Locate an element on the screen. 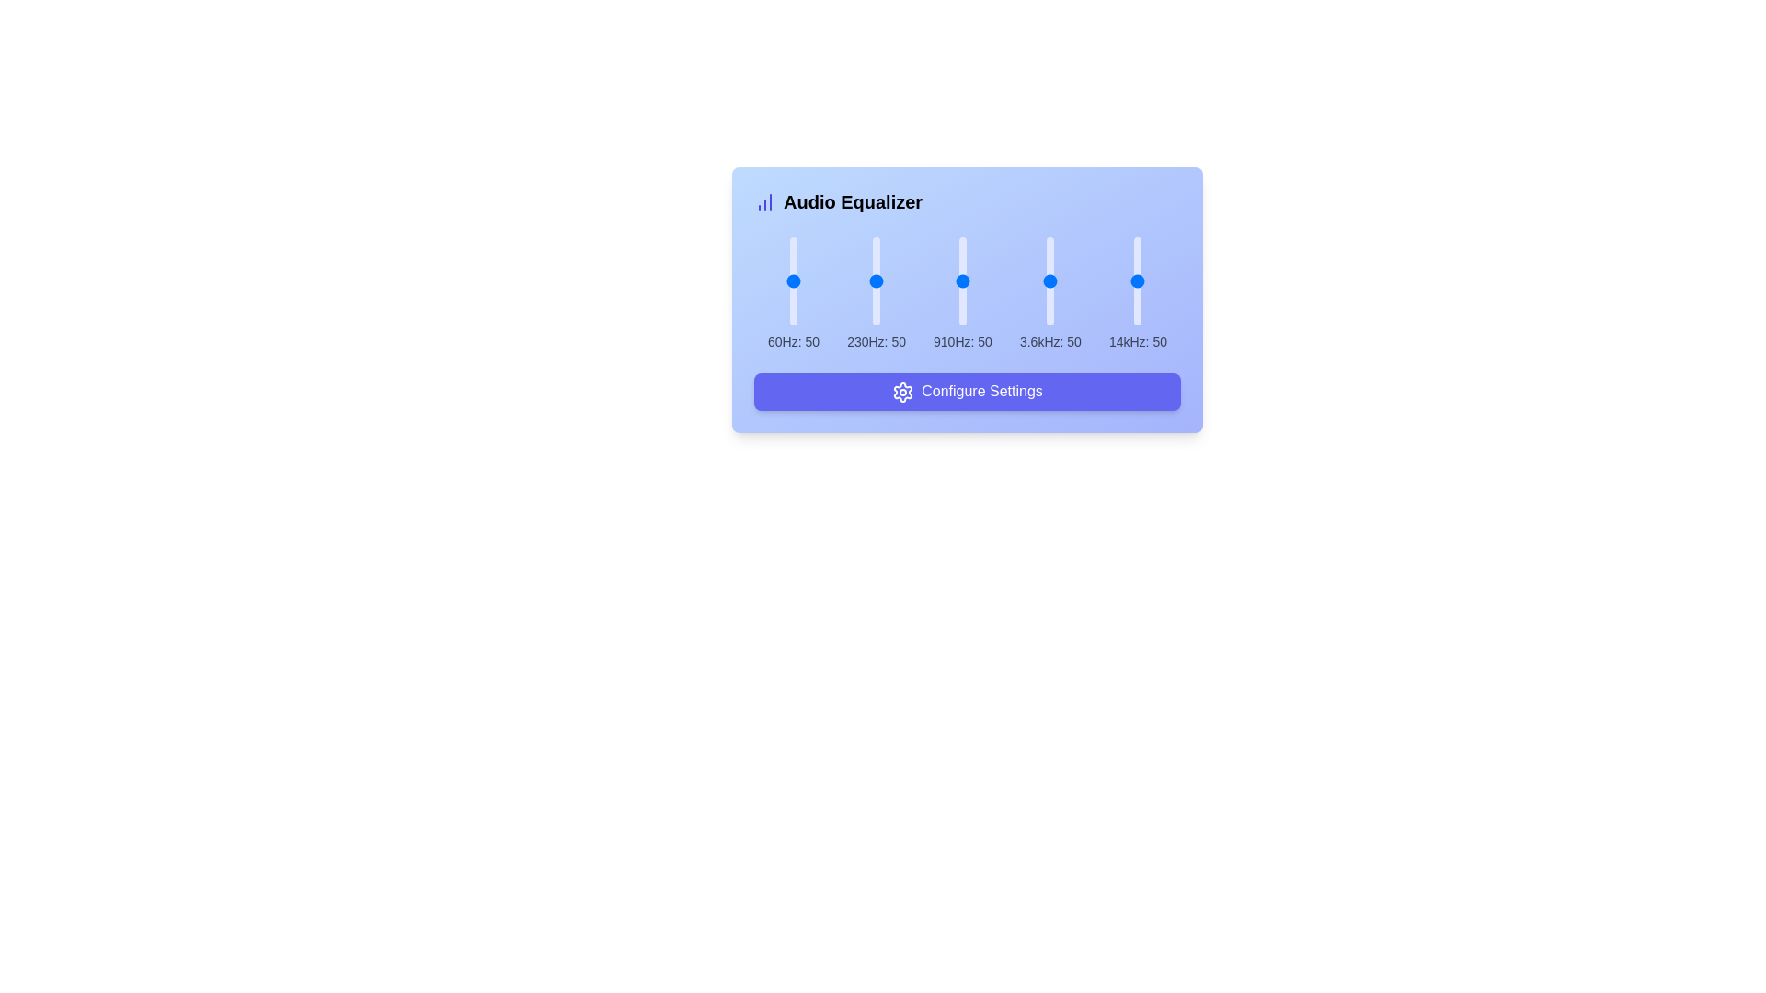 This screenshot has width=1766, height=993. the slider value is located at coordinates (1137, 289).